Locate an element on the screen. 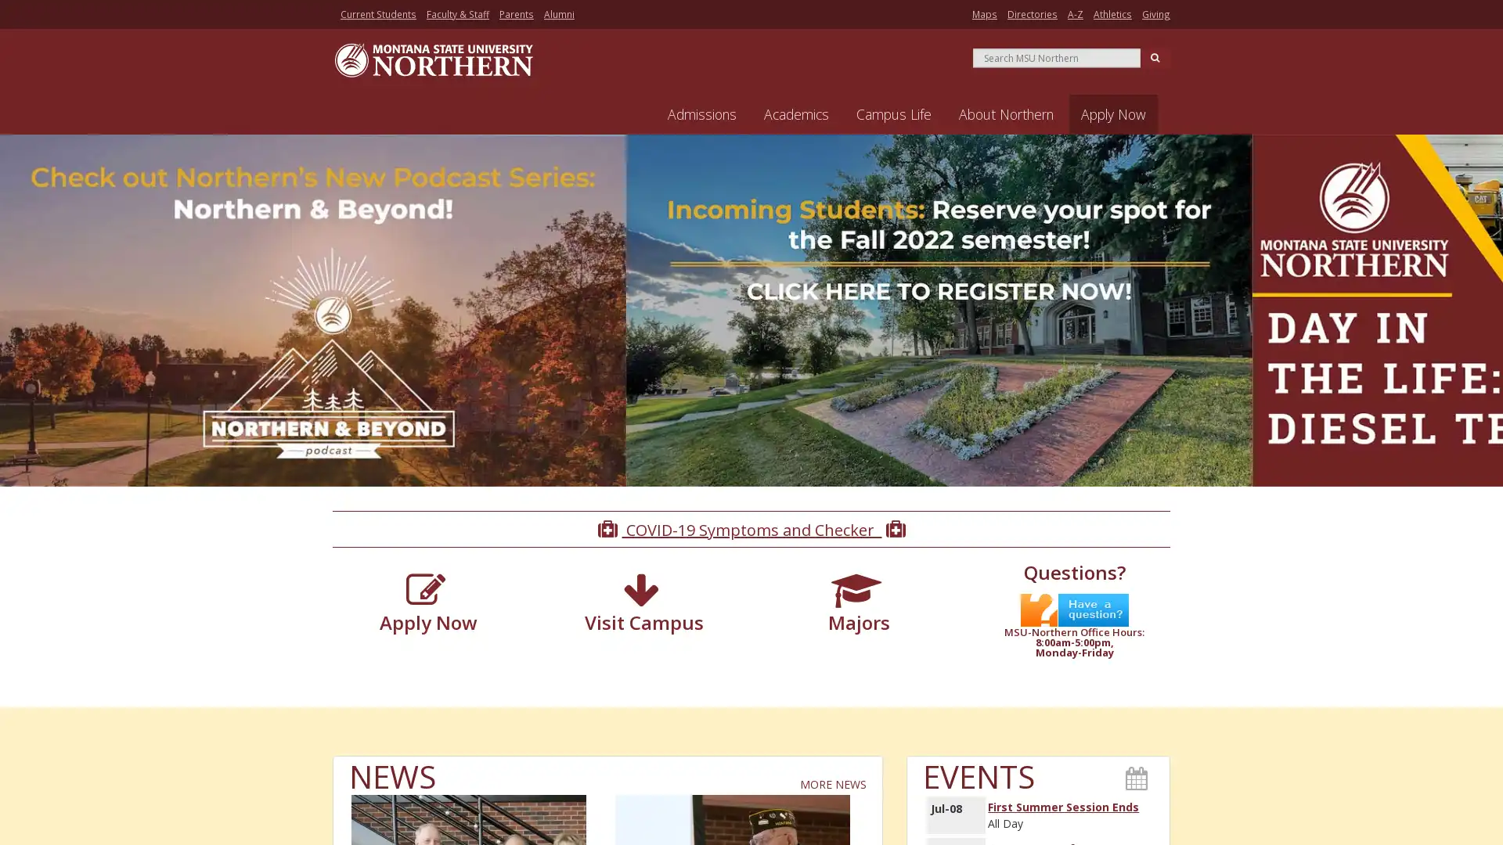 This screenshot has height=845, width=1503. Search is located at coordinates (1155, 56).